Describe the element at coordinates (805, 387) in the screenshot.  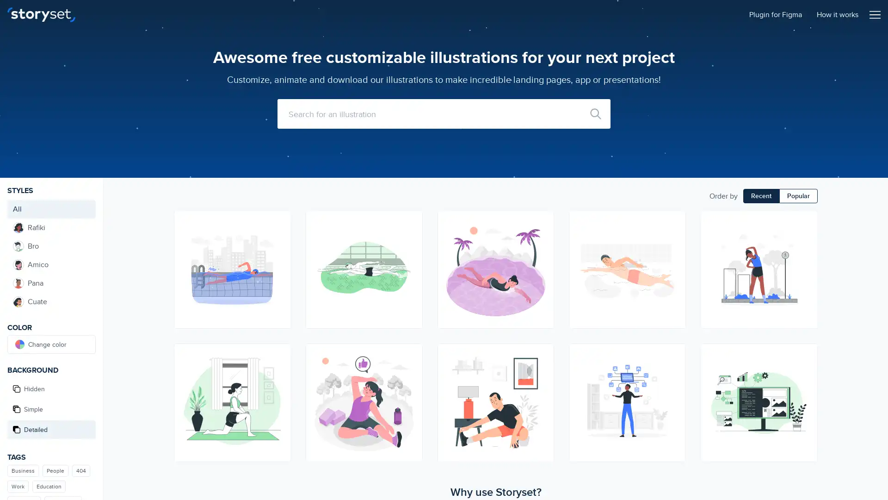
I see `Pinterest icon Save` at that location.